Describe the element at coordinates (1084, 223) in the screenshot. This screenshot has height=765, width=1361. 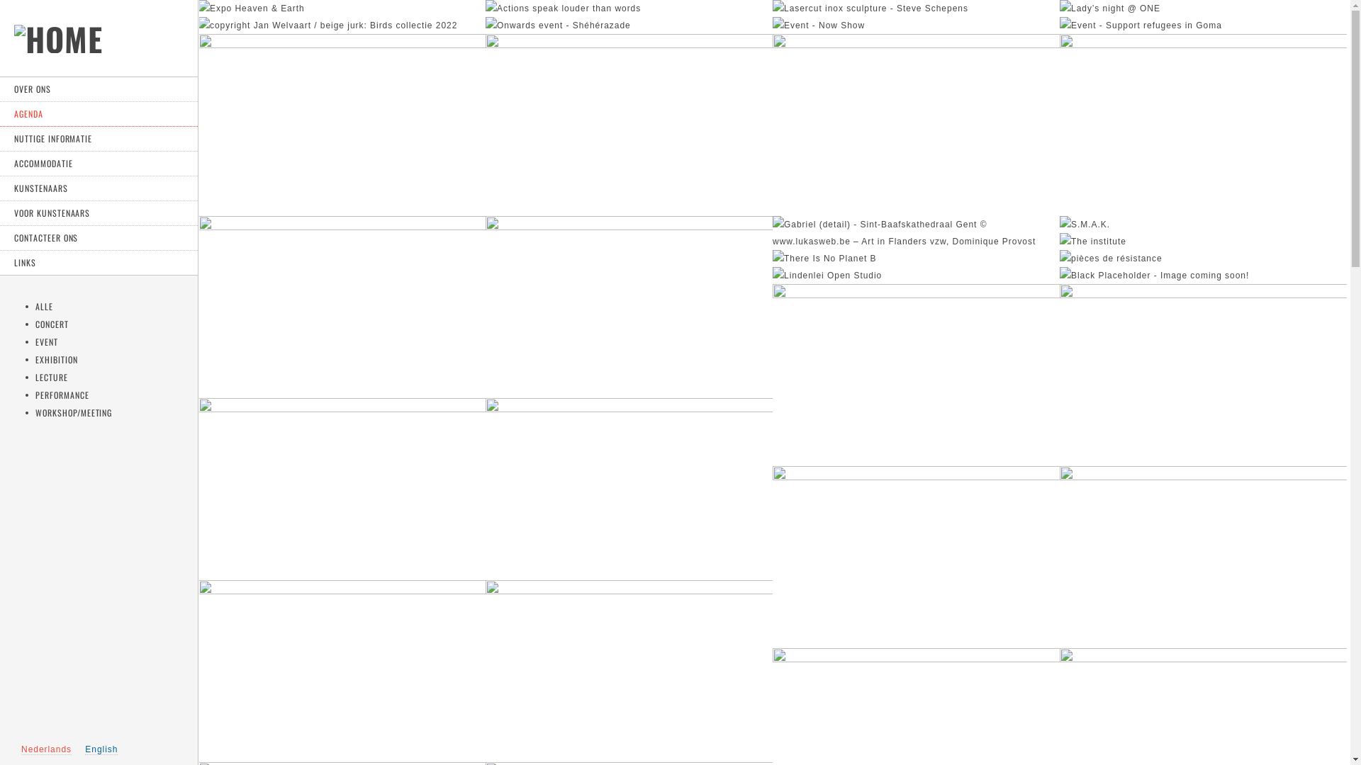
I see `'S.M.A.K.'` at that location.